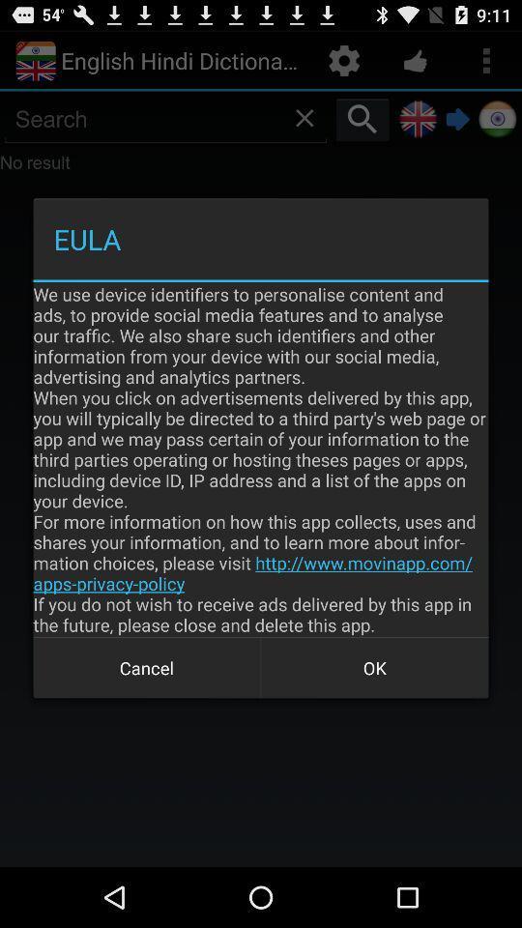 The width and height of the screenshot is (522, 928). Describe the element at coordinates (146, 668) in the screenshot. I see `the button next to the ok` at that location.